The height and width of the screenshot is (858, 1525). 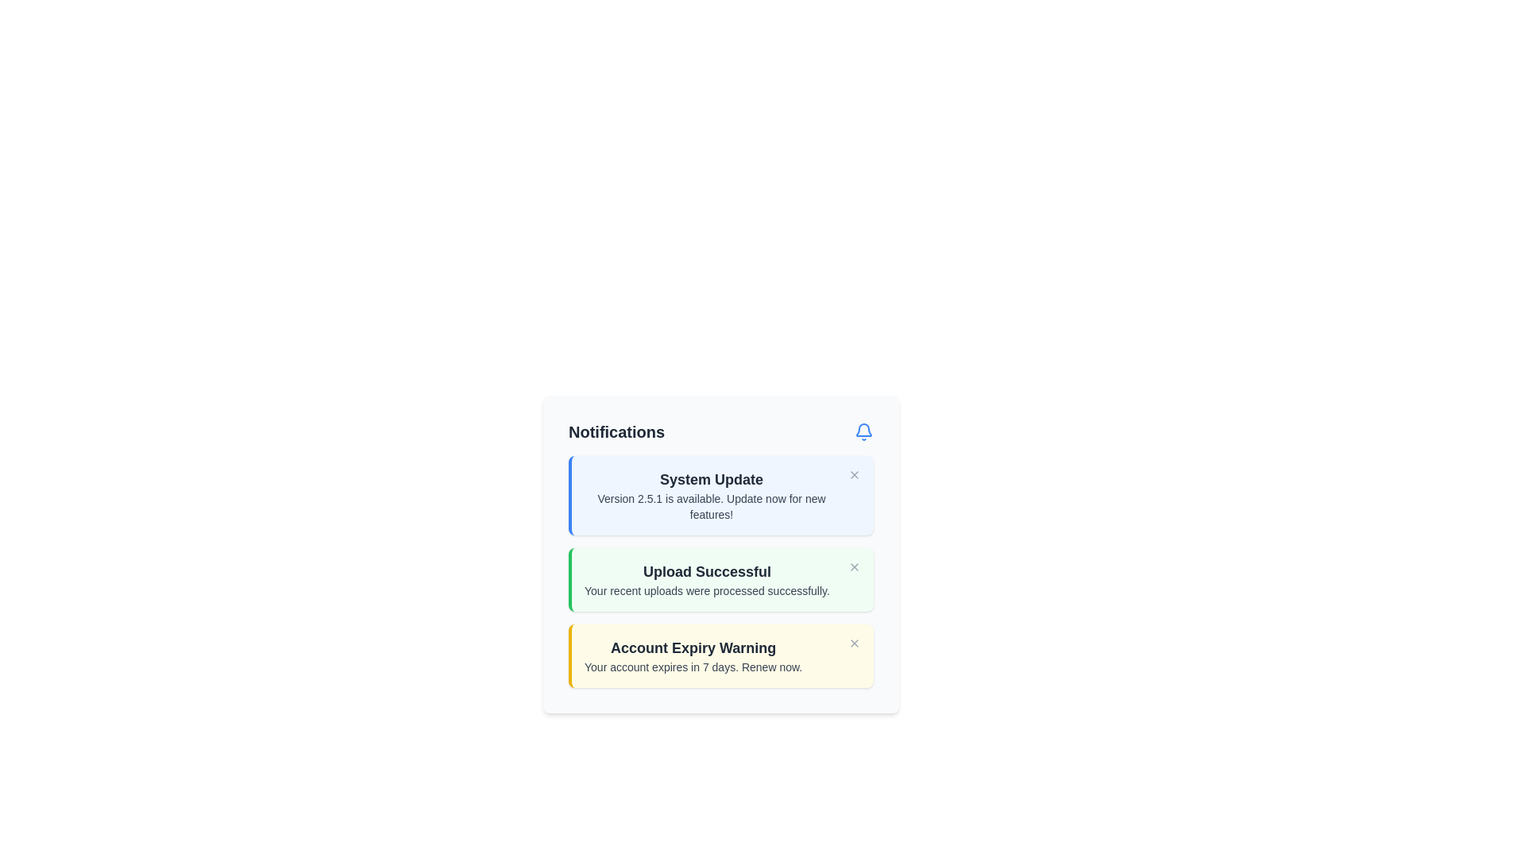 I want to click on message from the notification box titled 'System Update' with a blue background and a left border, containing the text 'Version 2.5.1 is available. Update now for new features!', so click(x=720, y=495).